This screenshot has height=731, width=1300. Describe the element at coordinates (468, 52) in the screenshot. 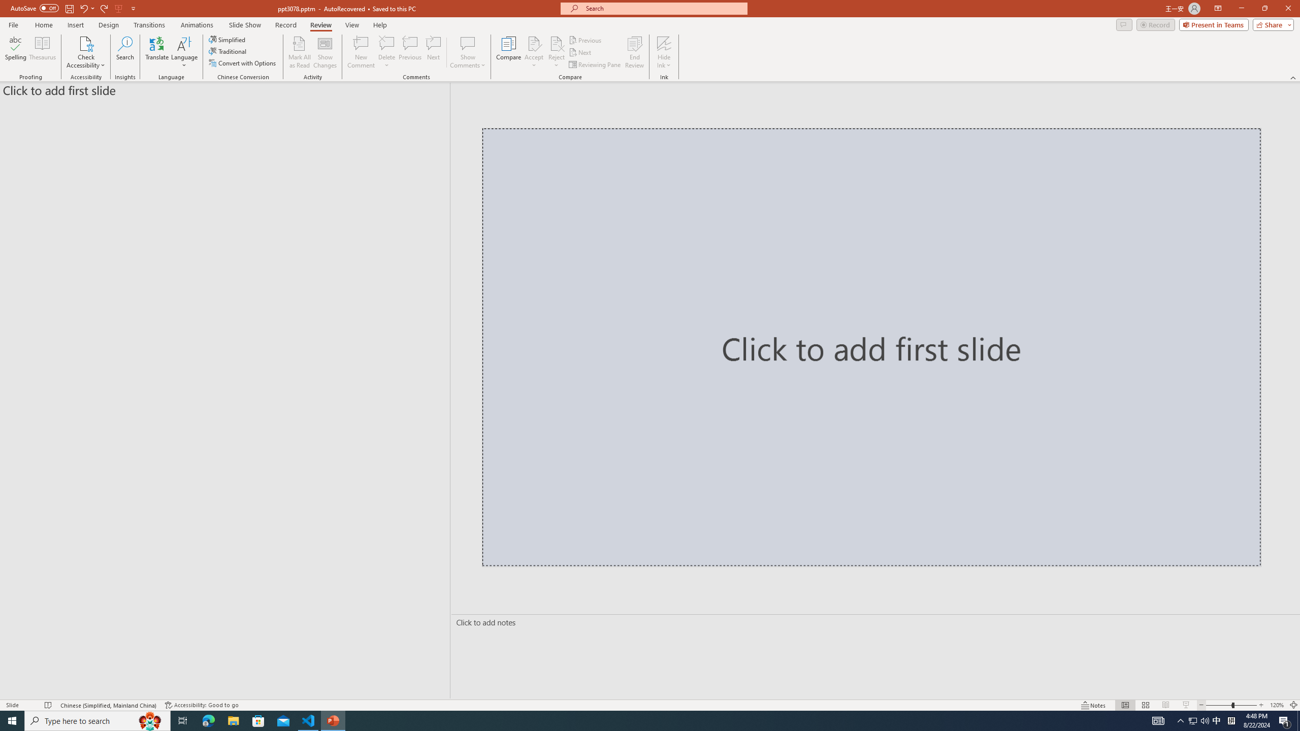

I see `'Show Comments'` at that location.